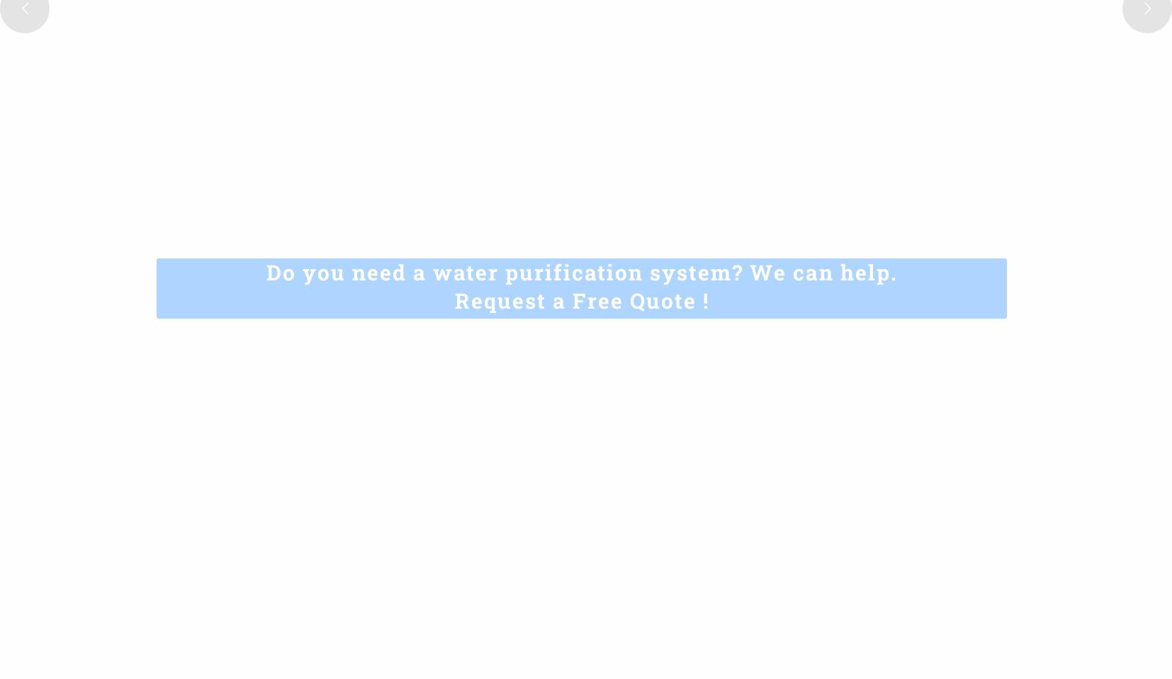  Describe the element at coordinates (453, 299) in the screenshot. I see `'Request a Free Quote !'` at that location.